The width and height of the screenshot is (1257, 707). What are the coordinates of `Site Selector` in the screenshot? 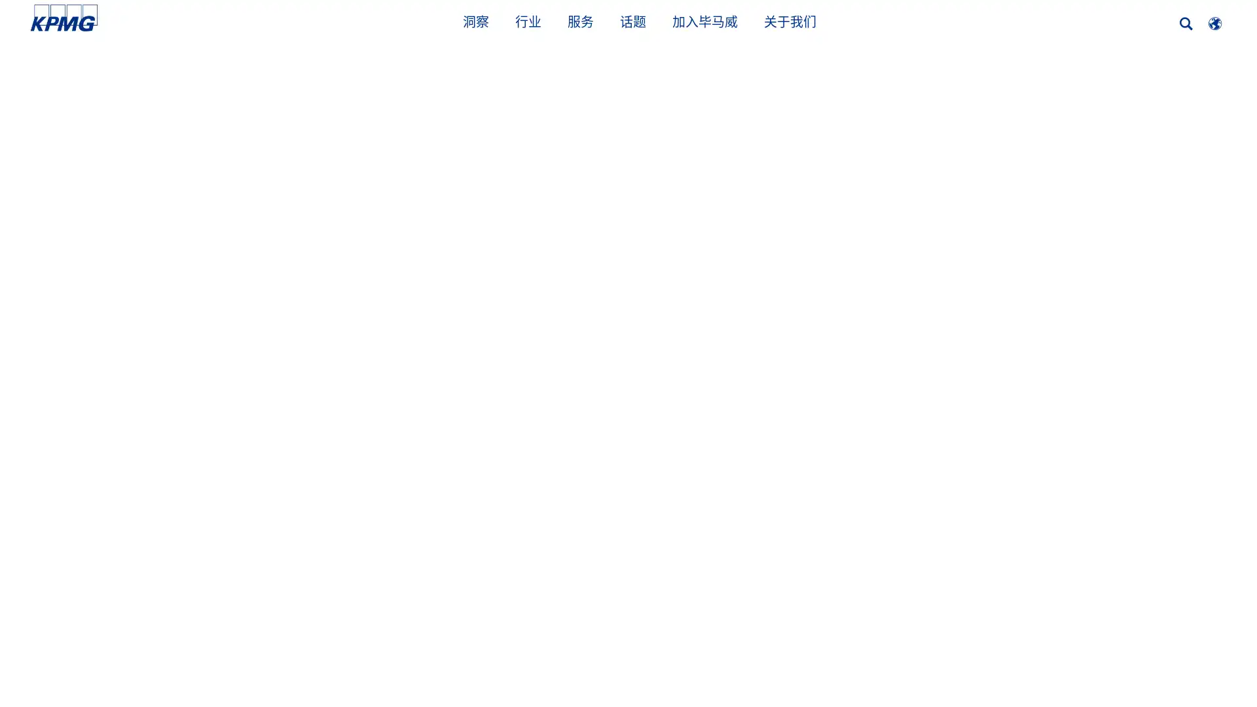 It's located at (1214, 23).